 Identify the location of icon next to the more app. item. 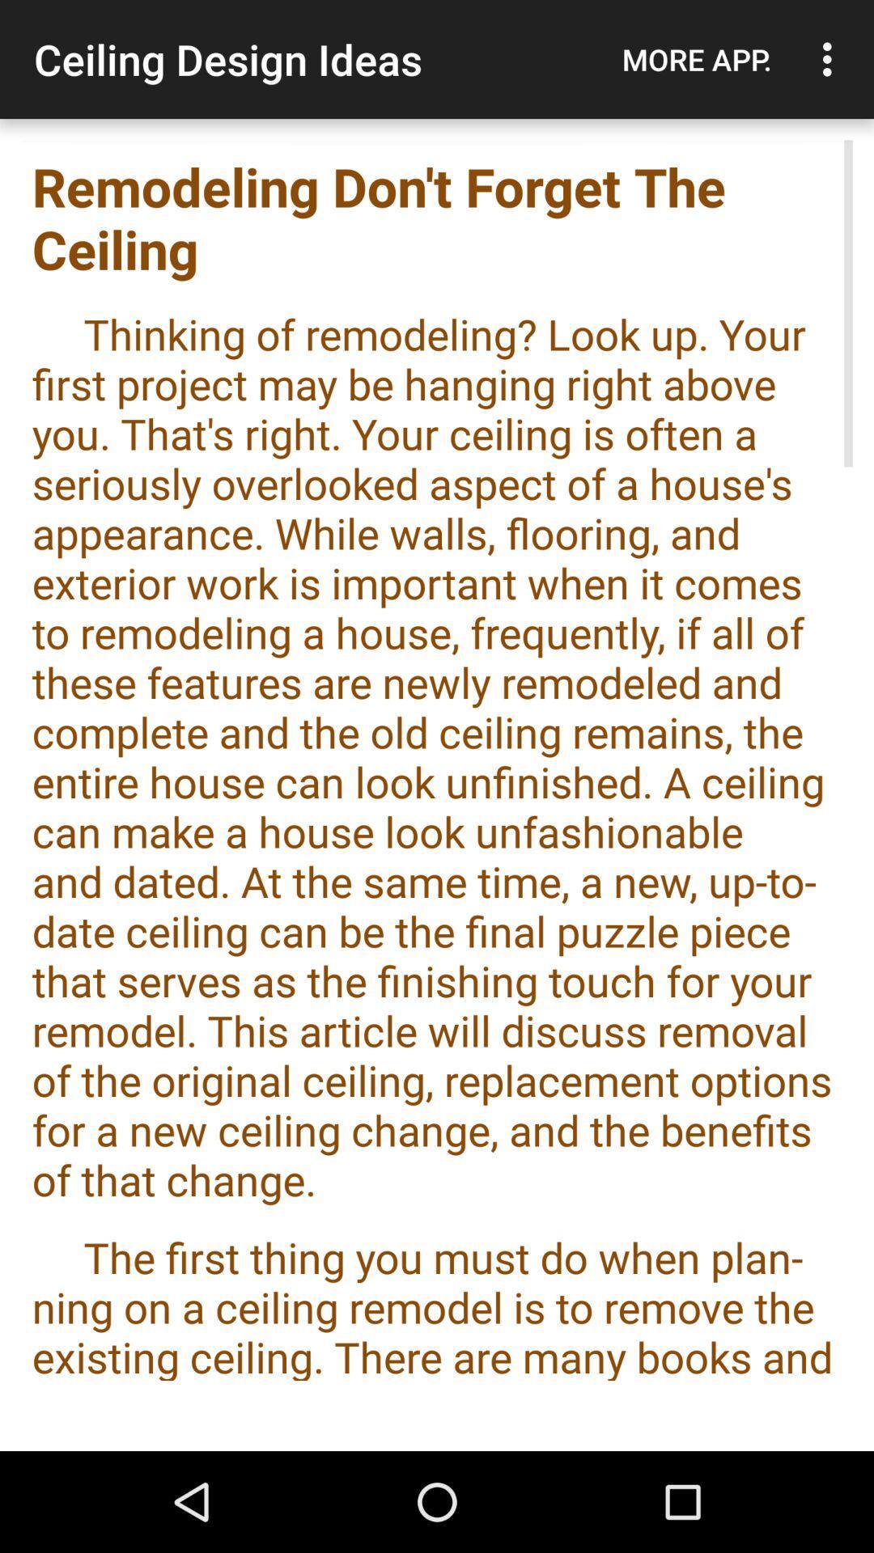
(831, 59).